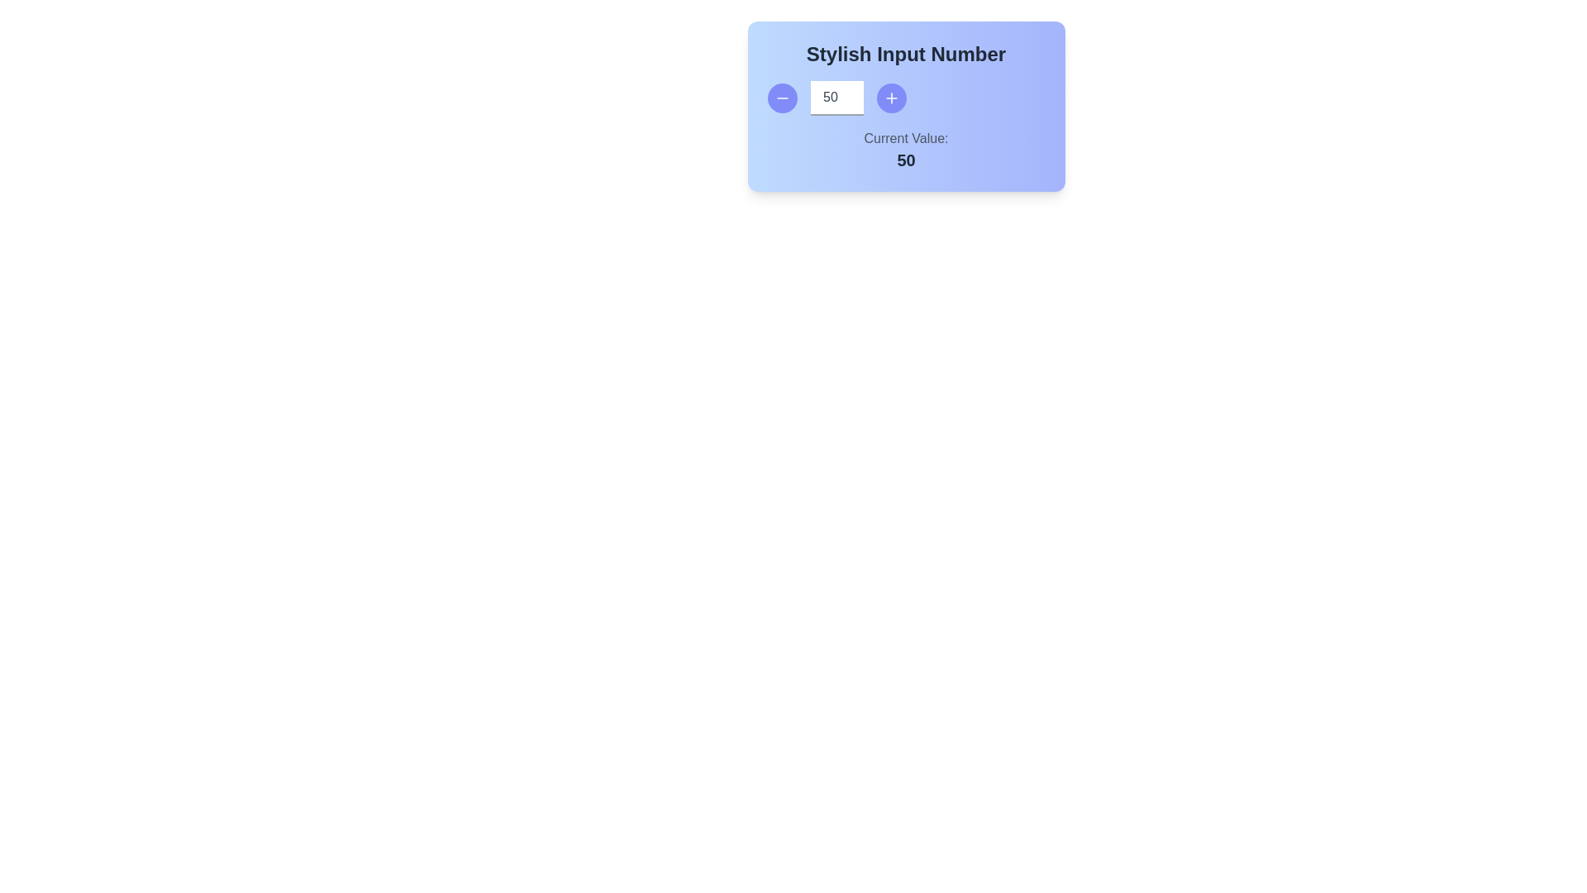  I want to click on the circular button with a purple background and a white minus icon, so click(781, 98).